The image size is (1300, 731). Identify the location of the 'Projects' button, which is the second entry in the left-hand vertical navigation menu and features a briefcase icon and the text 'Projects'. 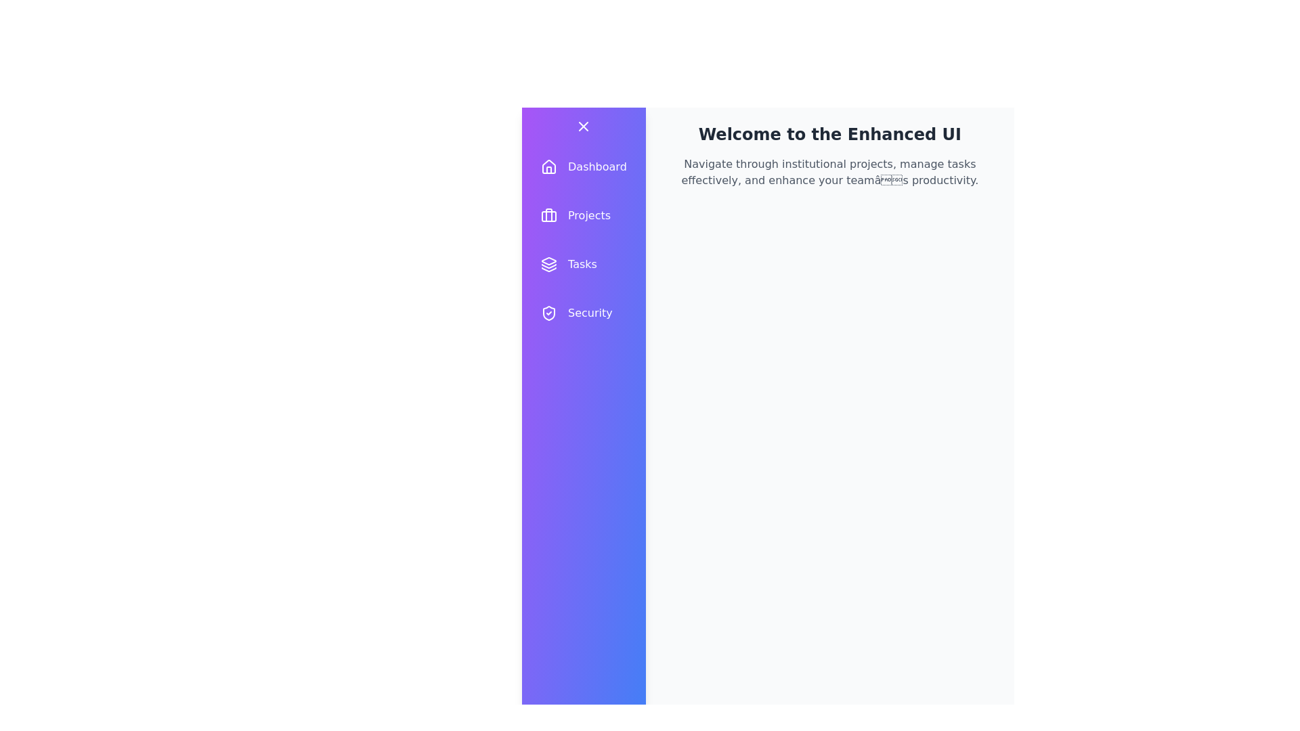
(584, 215).